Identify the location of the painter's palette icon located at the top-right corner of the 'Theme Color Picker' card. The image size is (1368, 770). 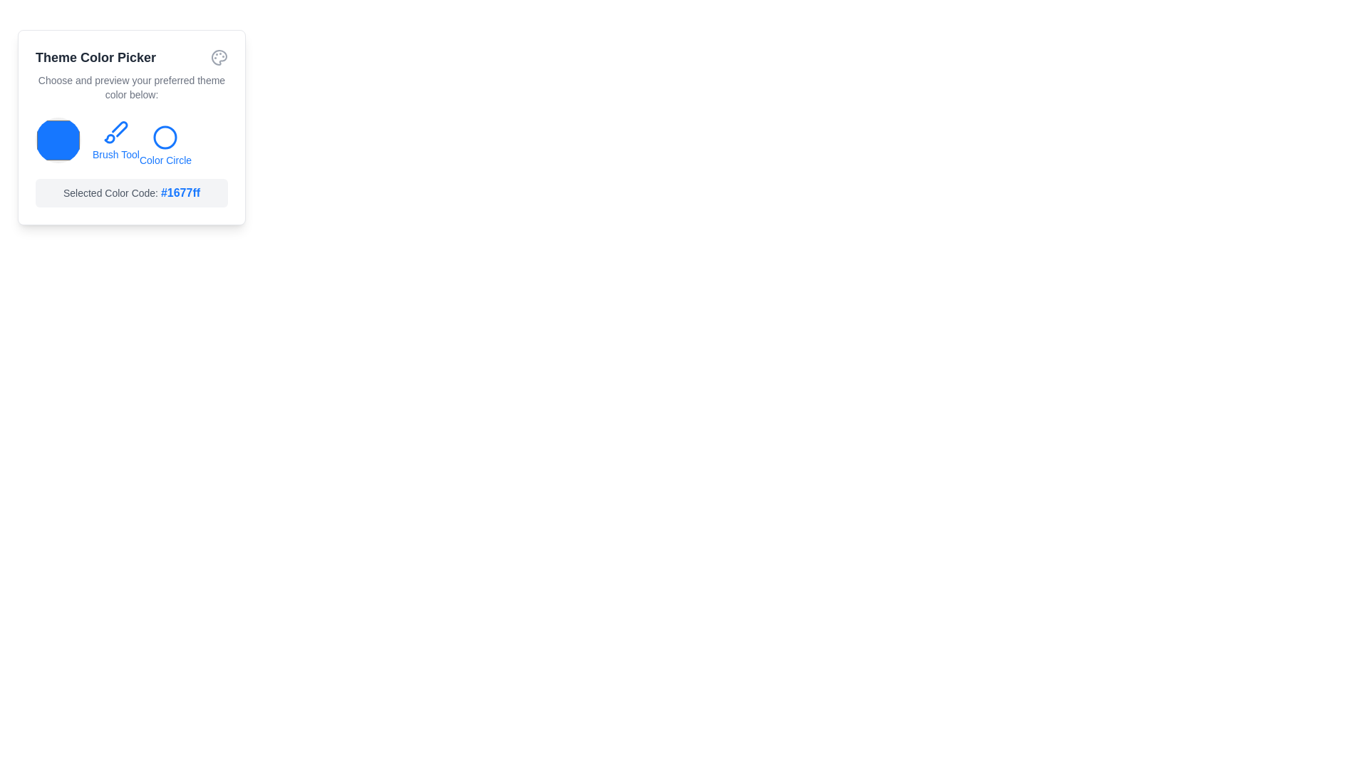
(218, 57).